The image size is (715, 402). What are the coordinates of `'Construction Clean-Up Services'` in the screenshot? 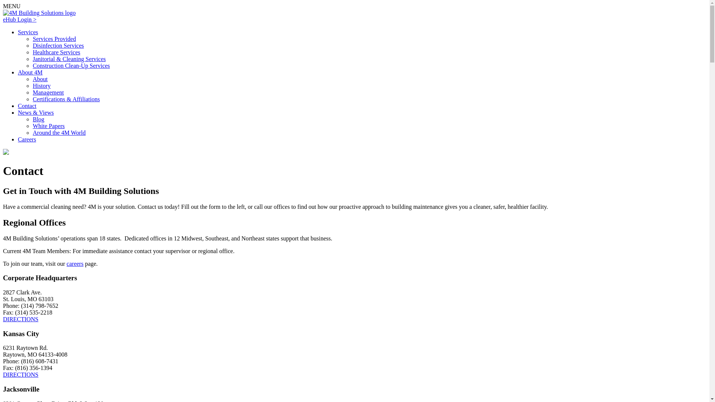 It's located at (71, 65).